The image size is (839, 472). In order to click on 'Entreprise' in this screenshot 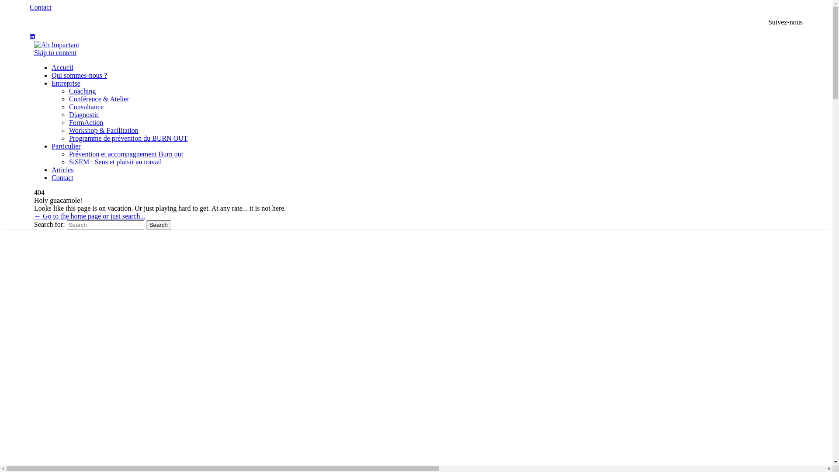, I will do `click(51, 83)`.